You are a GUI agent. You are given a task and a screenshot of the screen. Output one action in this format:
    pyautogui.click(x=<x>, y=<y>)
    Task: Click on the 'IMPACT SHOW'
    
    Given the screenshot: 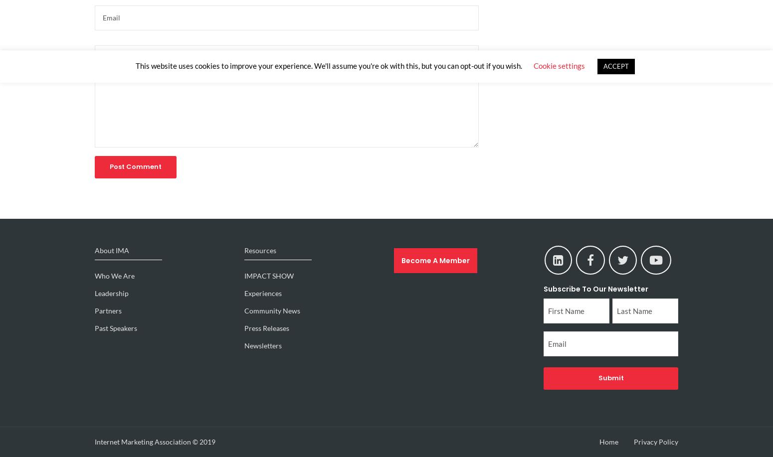 What is the action you would take?
    pyautogui.click(x=268, y=276)
    